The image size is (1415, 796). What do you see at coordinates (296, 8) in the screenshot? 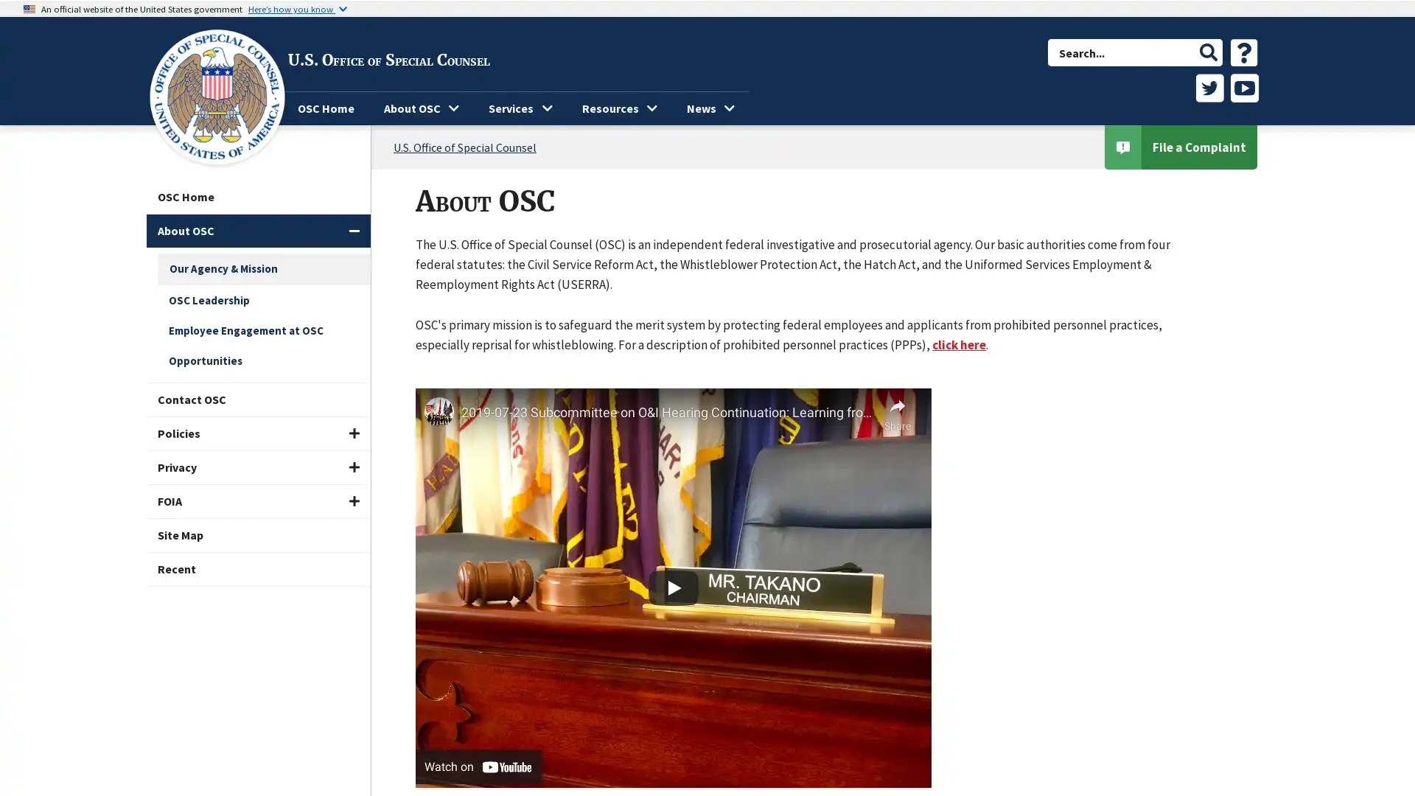
I see `Heres how you know` at bounding box center [296, 8].